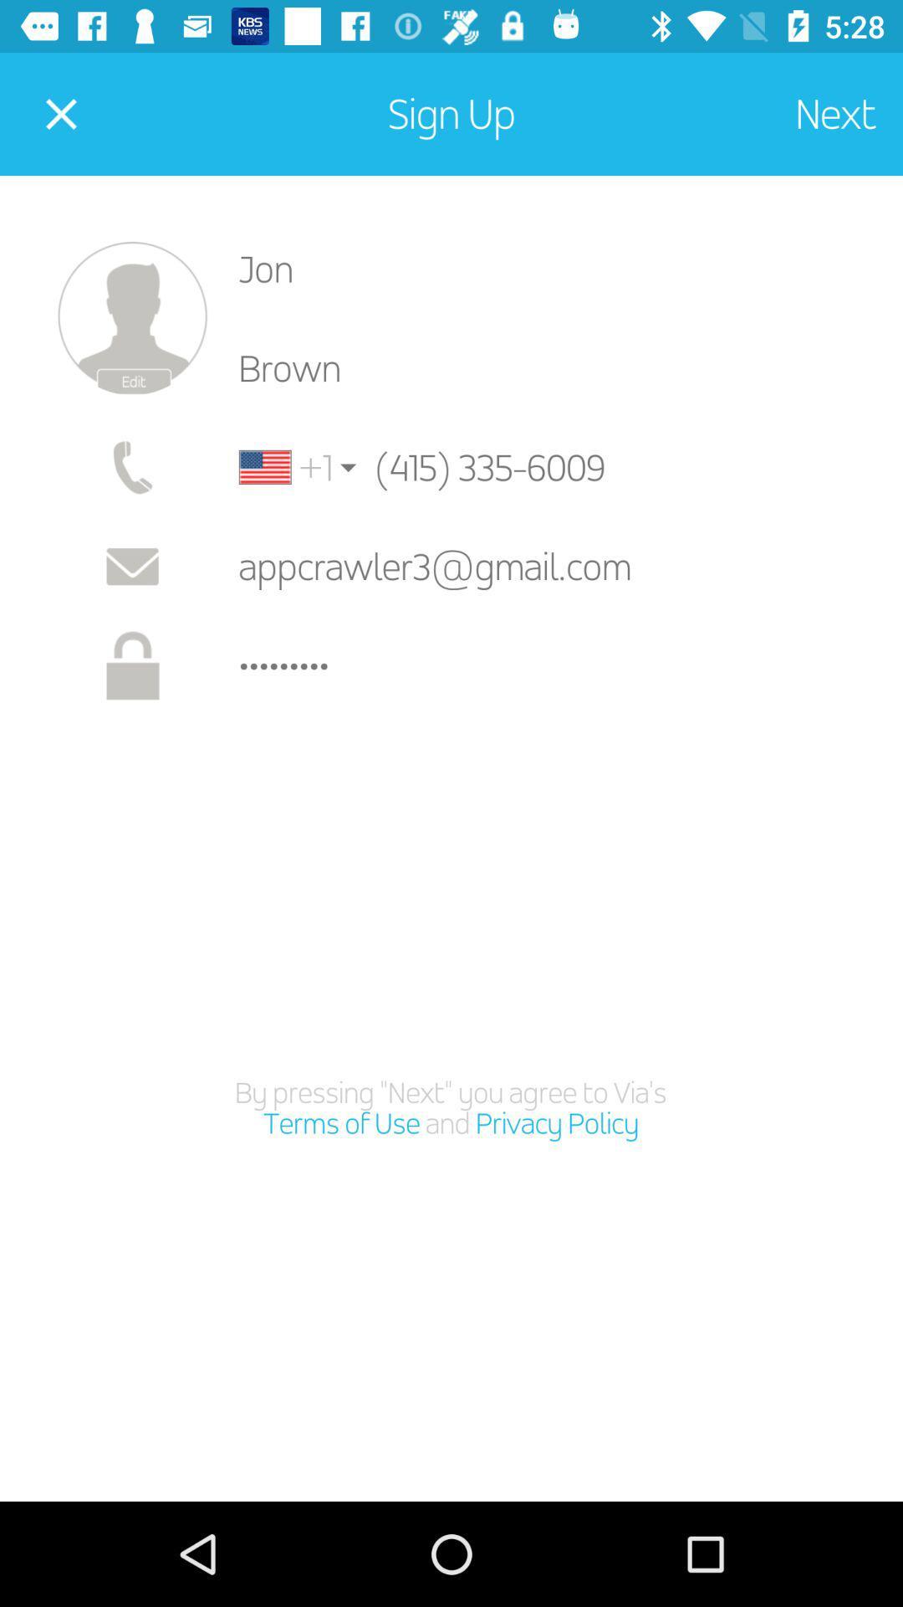 The height and width of the screenshot is (1607, 903). I want to click on the jon item, so click(558, 269).